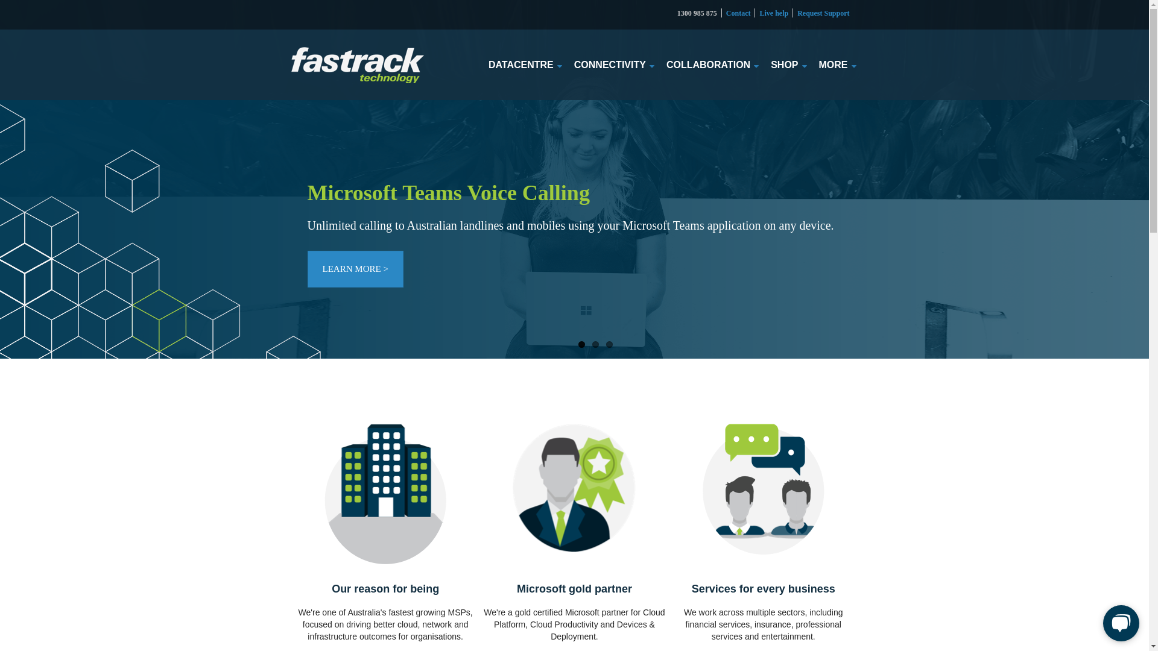 The image size is (1158, 651). I want to click on 'LEARN MORE >', so click(355, 268).